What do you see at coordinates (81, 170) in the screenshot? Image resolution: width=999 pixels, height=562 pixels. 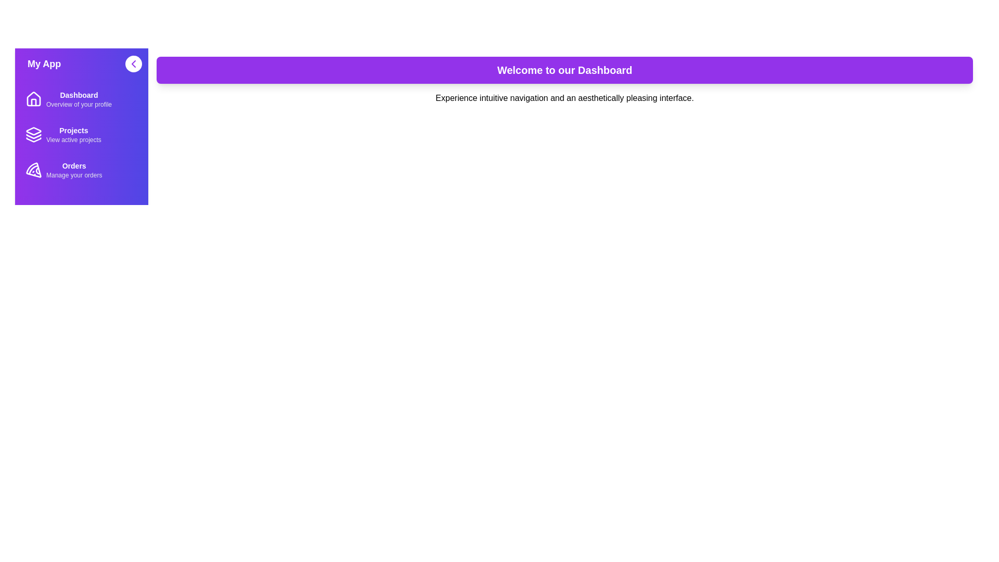 I see `the menu item corresponding to Orders` at bounding box center [81, 170].